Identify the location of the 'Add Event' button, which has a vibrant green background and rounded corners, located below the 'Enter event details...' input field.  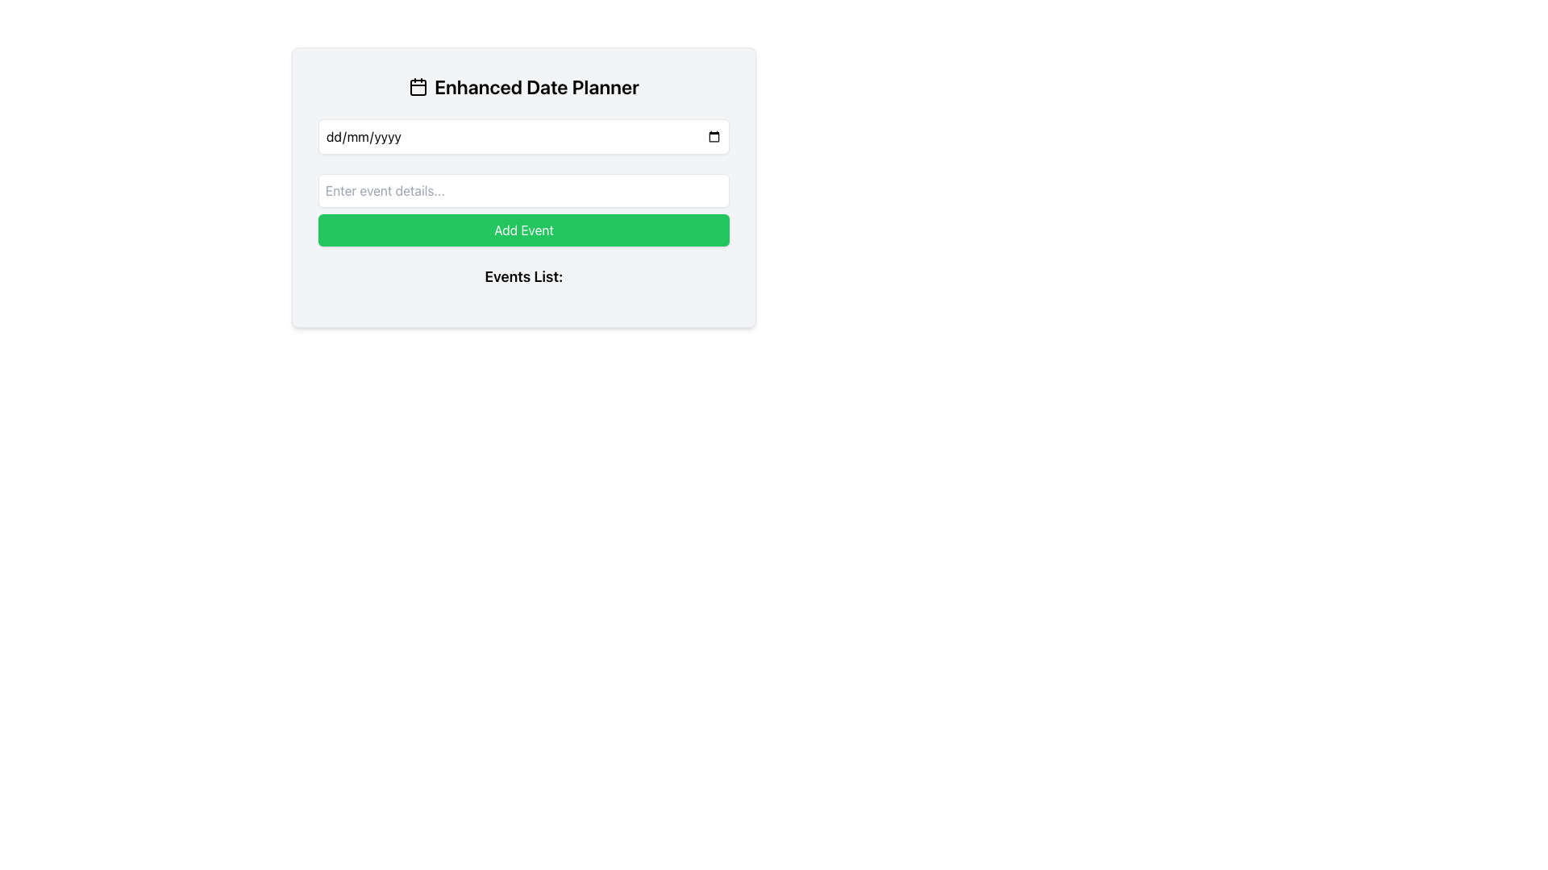
(523, 230).